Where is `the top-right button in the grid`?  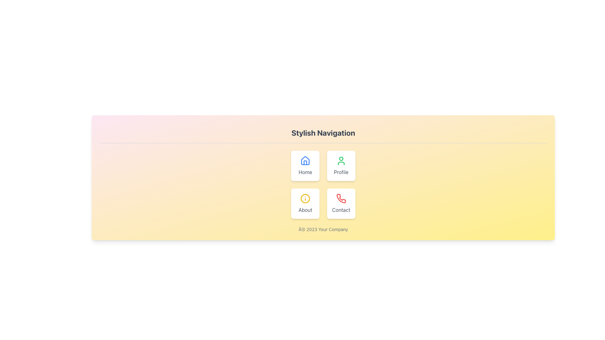
the top-right button in the grid is located at coordinates (341, 166).